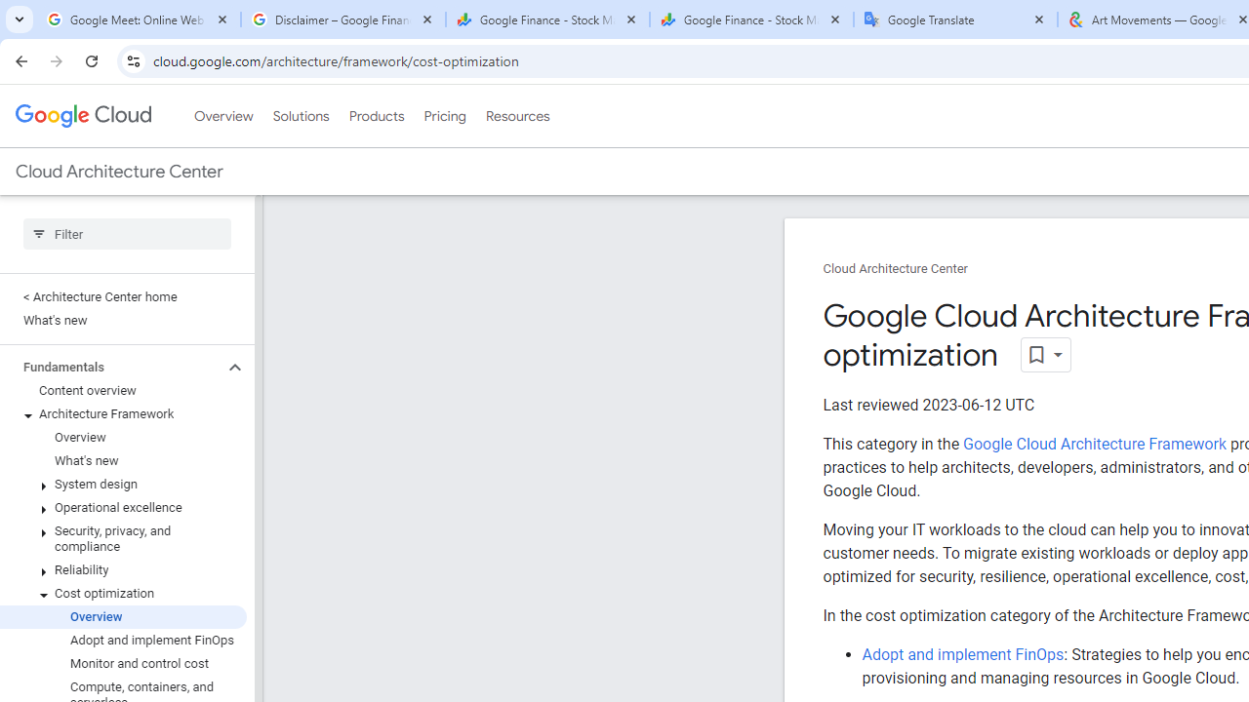 This screenshot has width=1249, height=702. What do you see at coordinates (300, 116) in the screenshot?
I see `'Solutions'` at bounding box center [300, 116].